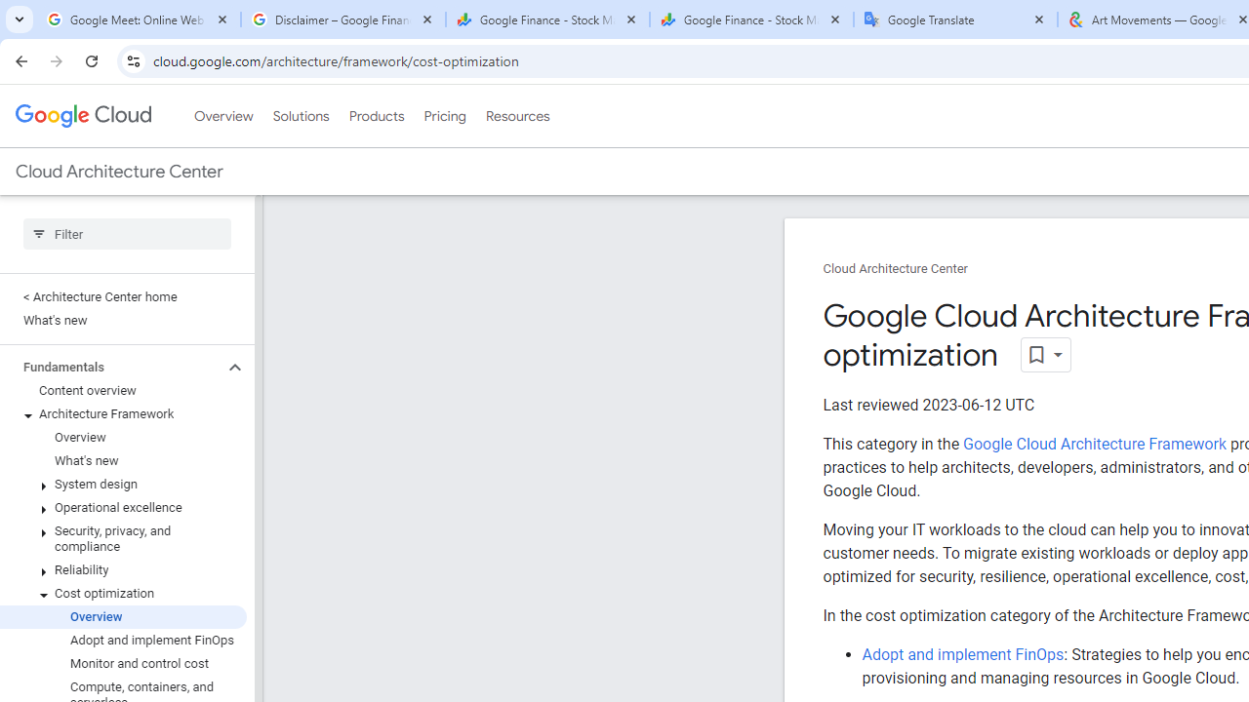 This screenshot has width=1249, height=702. What do you see at coordinates (300, 116) in the screenshot?
I see `'Solutions'` at bounding box center [300, 116].